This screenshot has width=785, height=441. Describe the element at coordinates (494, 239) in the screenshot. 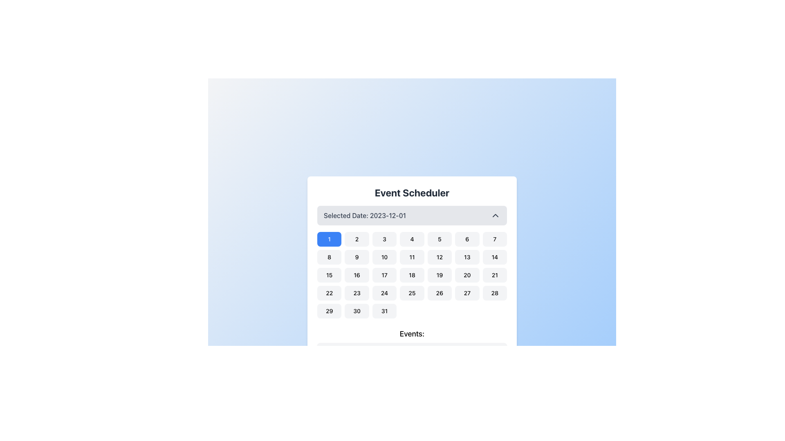

I see `the calendar day cell displaying the number '7'` at that location.